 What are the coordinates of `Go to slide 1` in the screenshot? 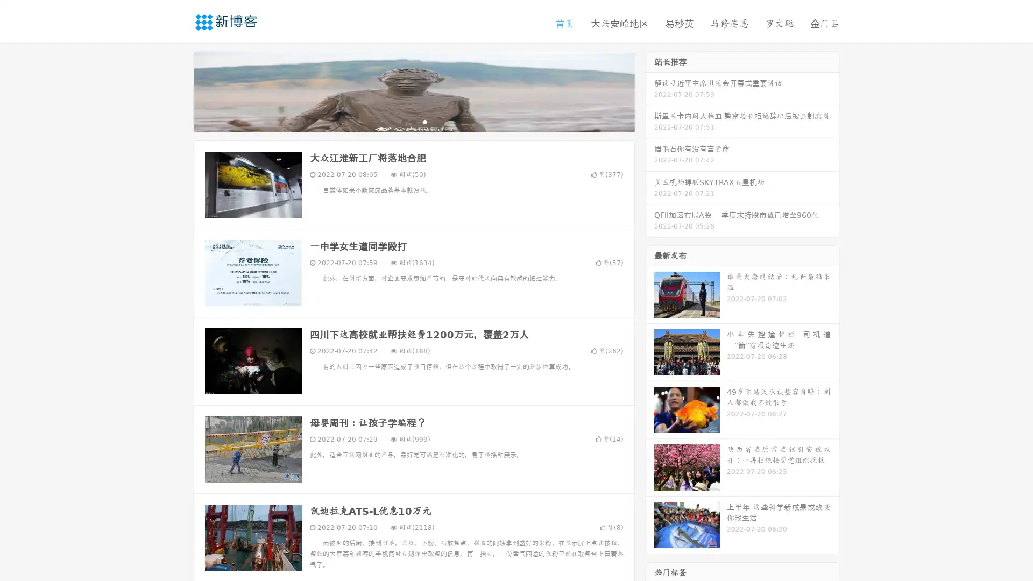 It's located at (402, 121).